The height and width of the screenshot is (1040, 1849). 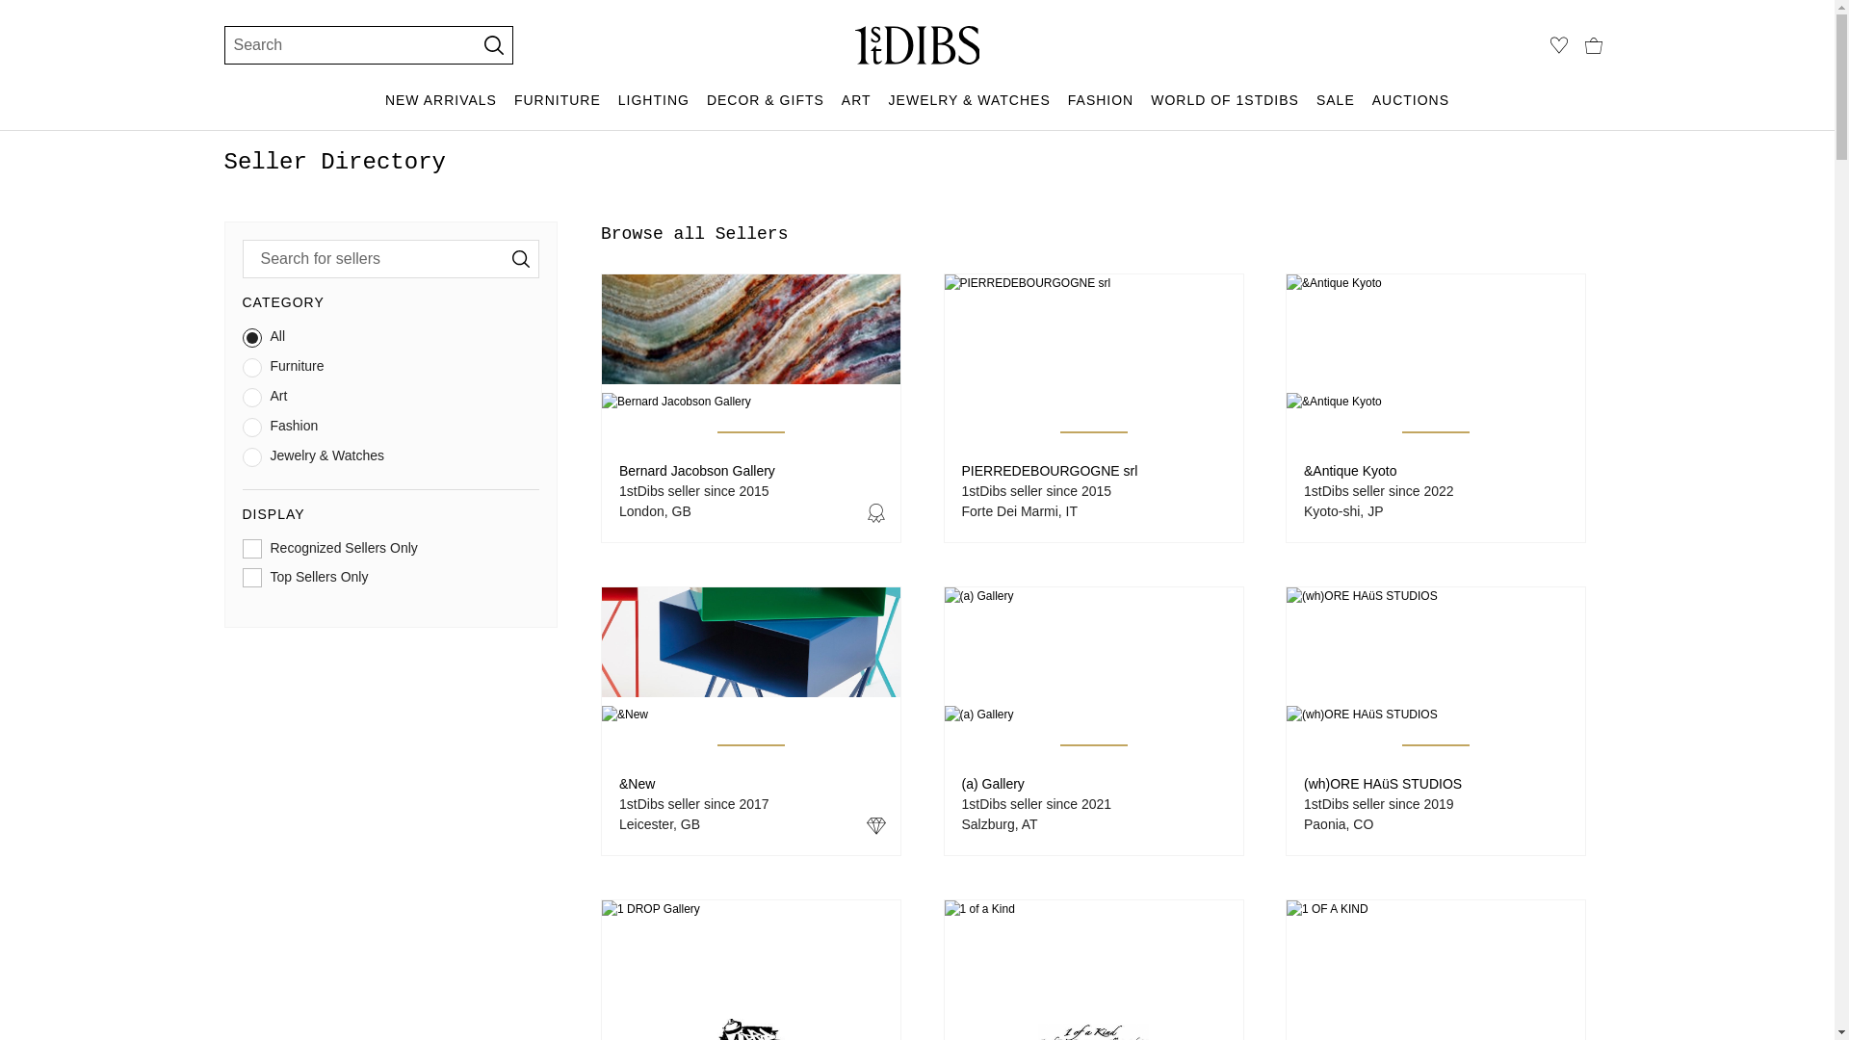 What do you see at coordinates (618, 110) in the screenshot?
I see `'LIGHTING'` at bounding box center [618, 110].